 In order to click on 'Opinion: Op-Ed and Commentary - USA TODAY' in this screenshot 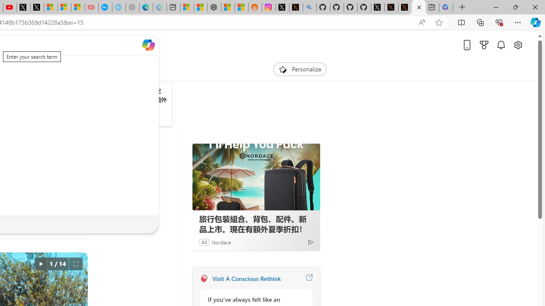, I will do `click(105, 7)`.